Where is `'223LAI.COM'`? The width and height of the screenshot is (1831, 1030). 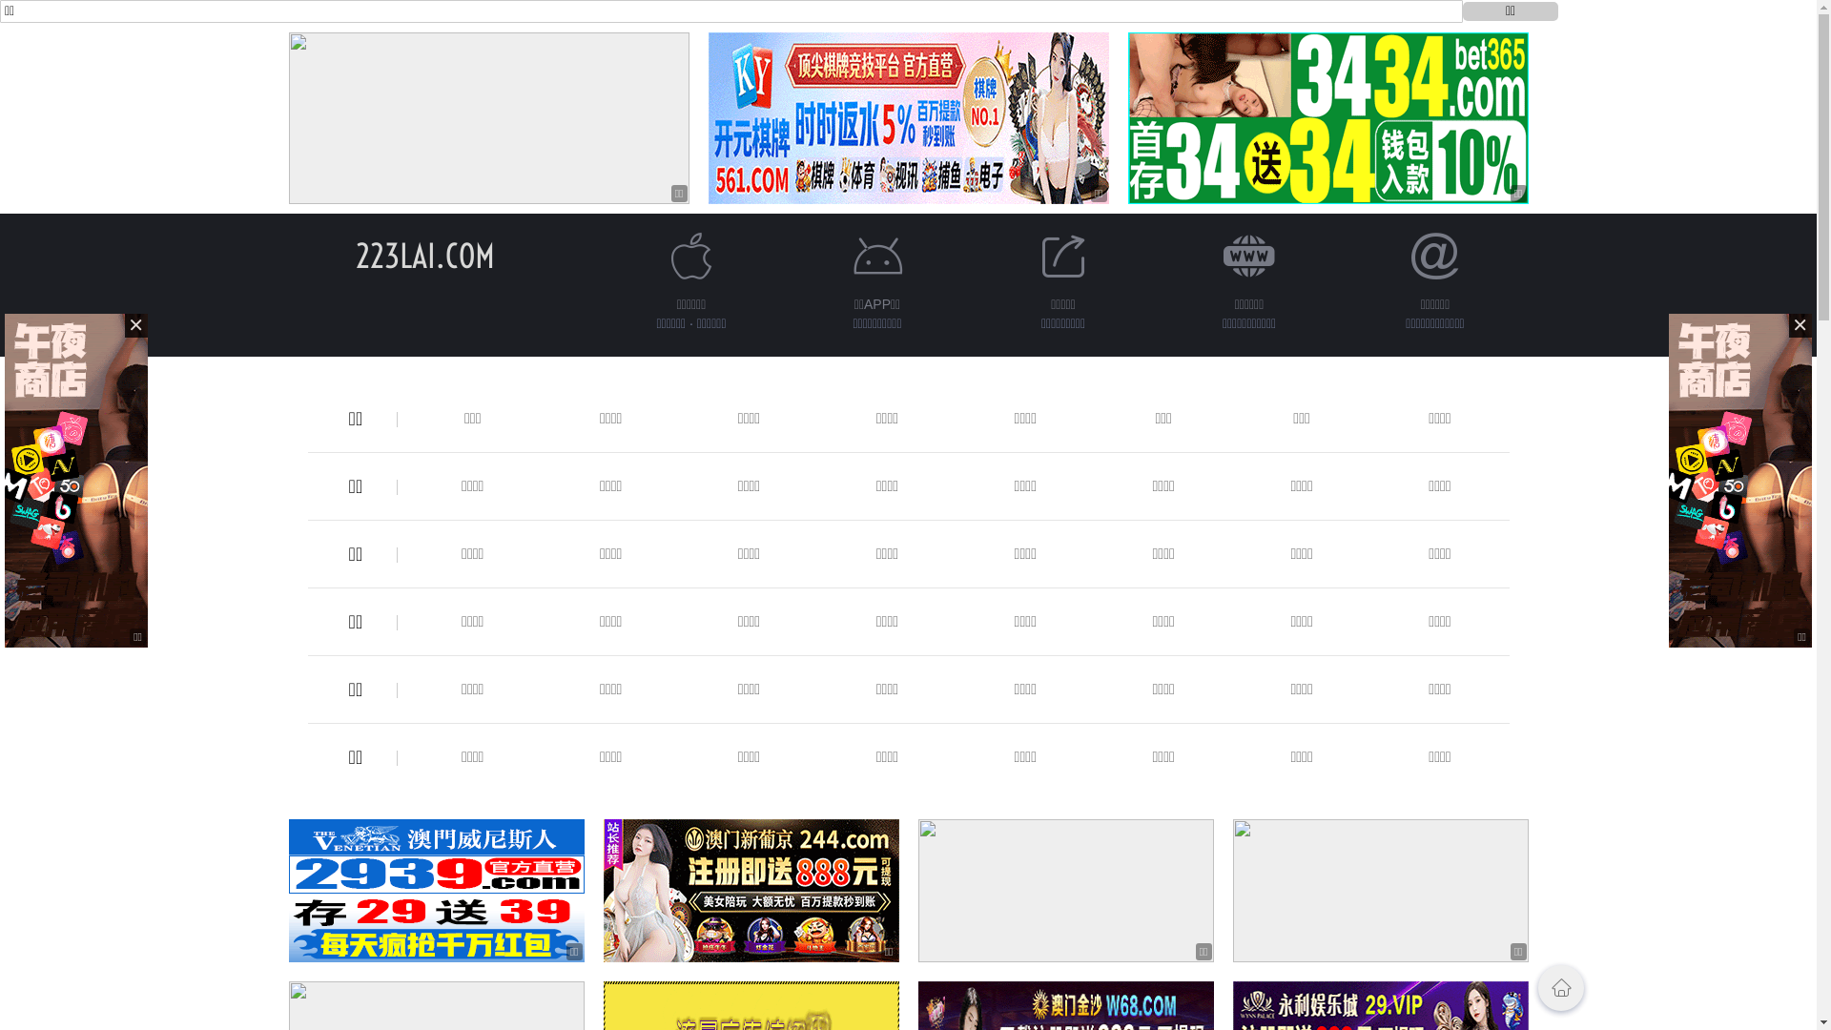 '223LAI.COM' is located at coordinates (423, 255).